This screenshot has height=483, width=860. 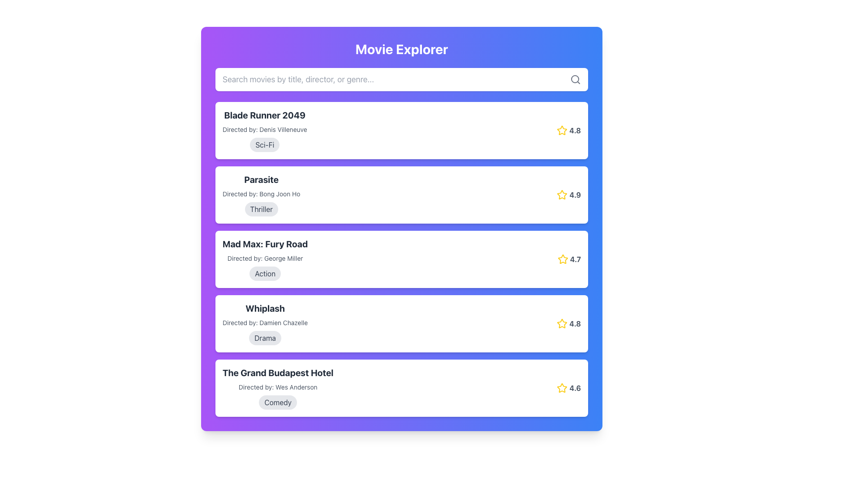 I want to click on the star icon located to the right of the 'Mad Max: Fury Road' movie entry, so click(x=562, y=259).